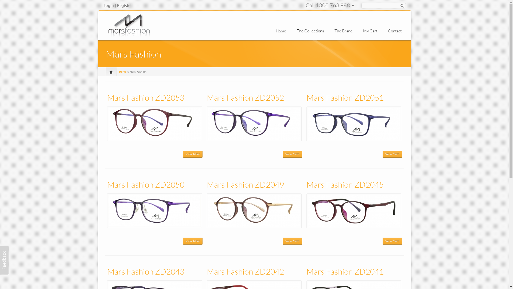  Describe the element at coordinates (363, 31) in the screenshot. I see `'My Cart'` at that location.